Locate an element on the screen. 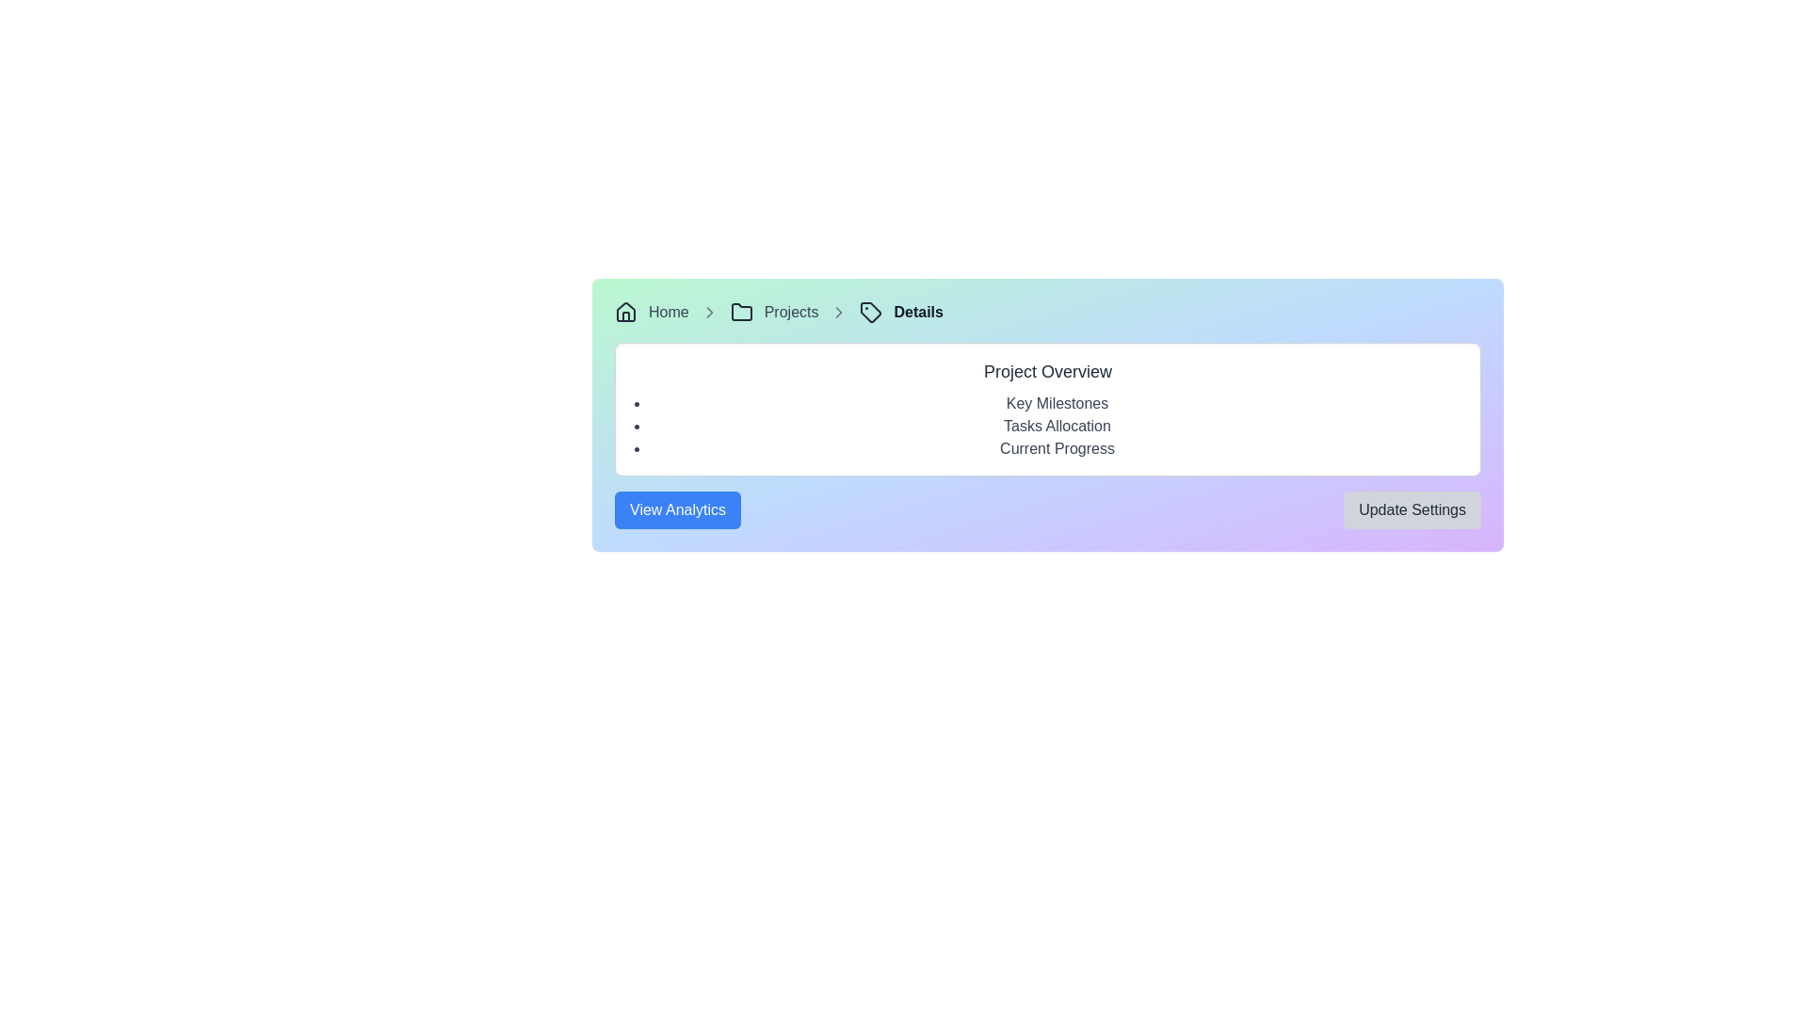 The width and height of the screenshot is (1808, 1017). the 'home' icon in the breadcrumb navigation bar, which visually represents a house symbol and is located at the start of the navigation header is located at coordinates (626, 311).